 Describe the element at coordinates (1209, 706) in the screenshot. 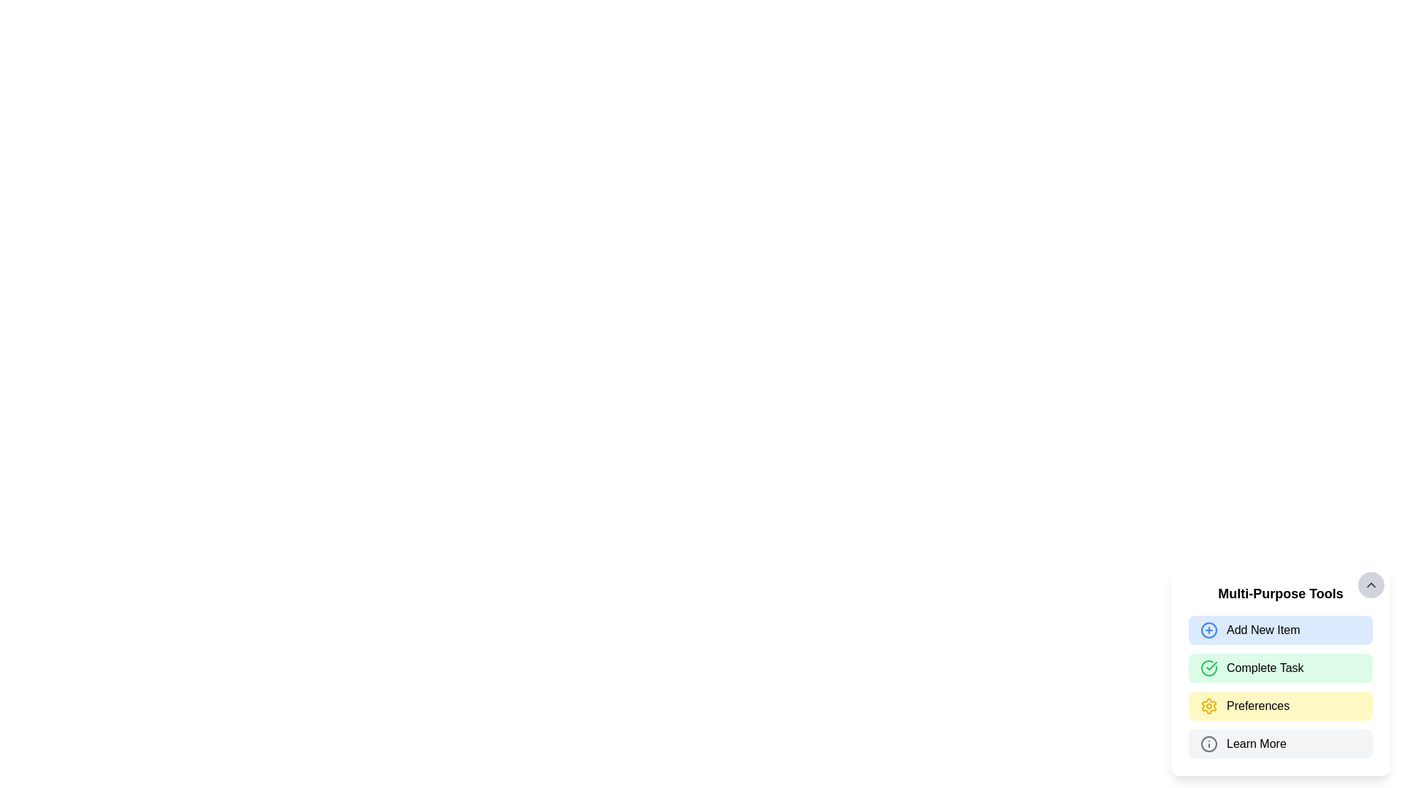

I see `settings icon represented by a golden yellow gear-shaped icon located at the bottom-right of the interface under the 'Preferences' section of the 'Multi-Purpose Tools' panel` at that location.